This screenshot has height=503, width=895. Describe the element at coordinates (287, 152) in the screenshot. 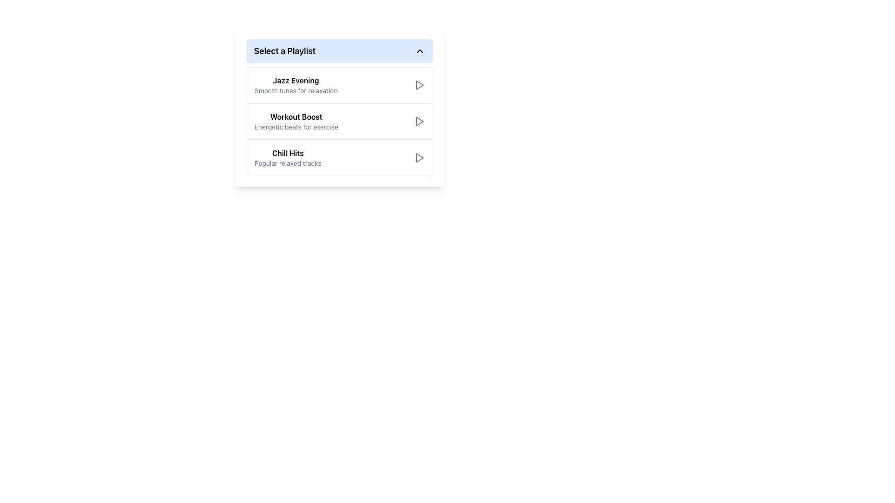

I see `the 'Chill Hits' text label, which serves as the title of a playlist card in the 'Select a Playlist' interface` at that location.